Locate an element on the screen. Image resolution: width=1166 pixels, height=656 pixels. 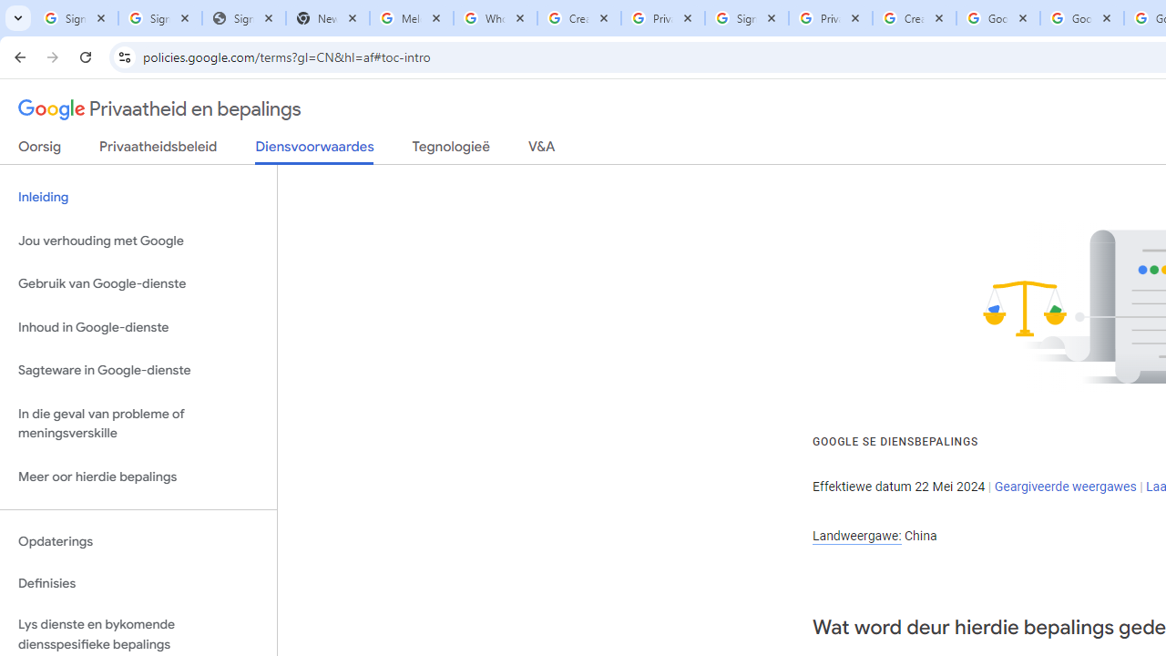
'Diensvoorwaardes' is located at coordinates (314, 150).